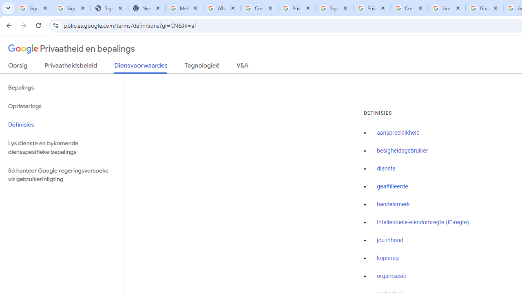 This screenshot has height=293, width=522. What do you see at coordinates (387, 258) in the screenshot?
I see `'kopiereg'` at bounding box center [387, 258].